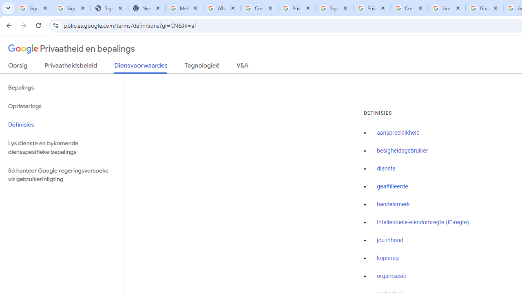 This screenshot has height=293, width=522. What do you see at coordinates (387, 258) in the screenshot?
I see `'kopiereg'` at bounding box center [387, 258].